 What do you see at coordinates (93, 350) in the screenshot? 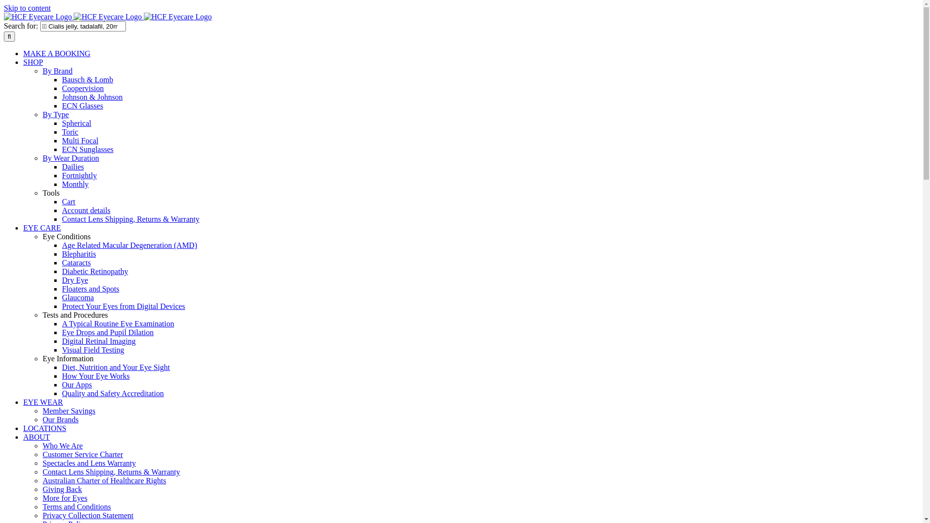
I see `'Visual Field Testing'` at bounding box center [93, 350].